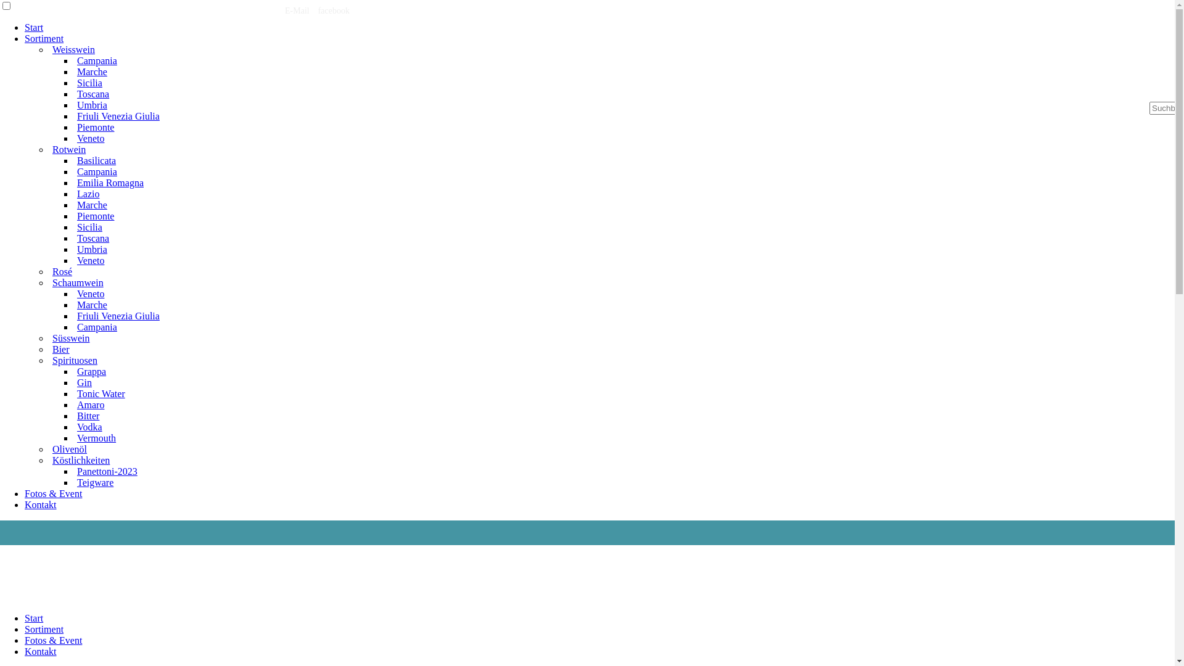 The height and width of the screenshot is (666, 1184). I want to click on 'Kontakt', so click(41, 651).